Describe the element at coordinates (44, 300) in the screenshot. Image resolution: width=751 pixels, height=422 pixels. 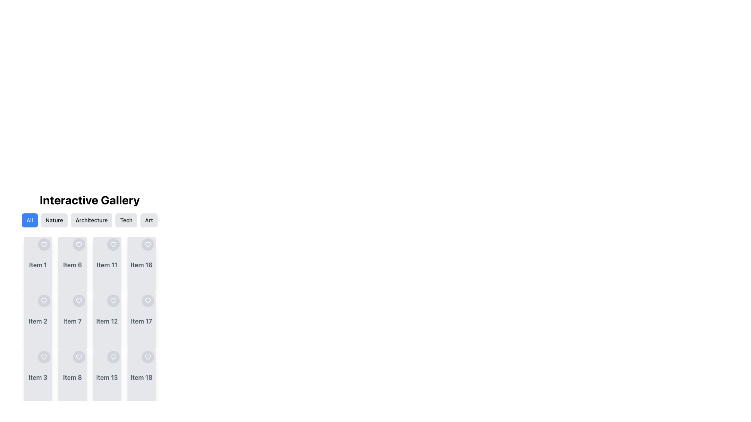
I see `the 'favorite' button located at the top-right corner of the 'Item 2' card` at that location.